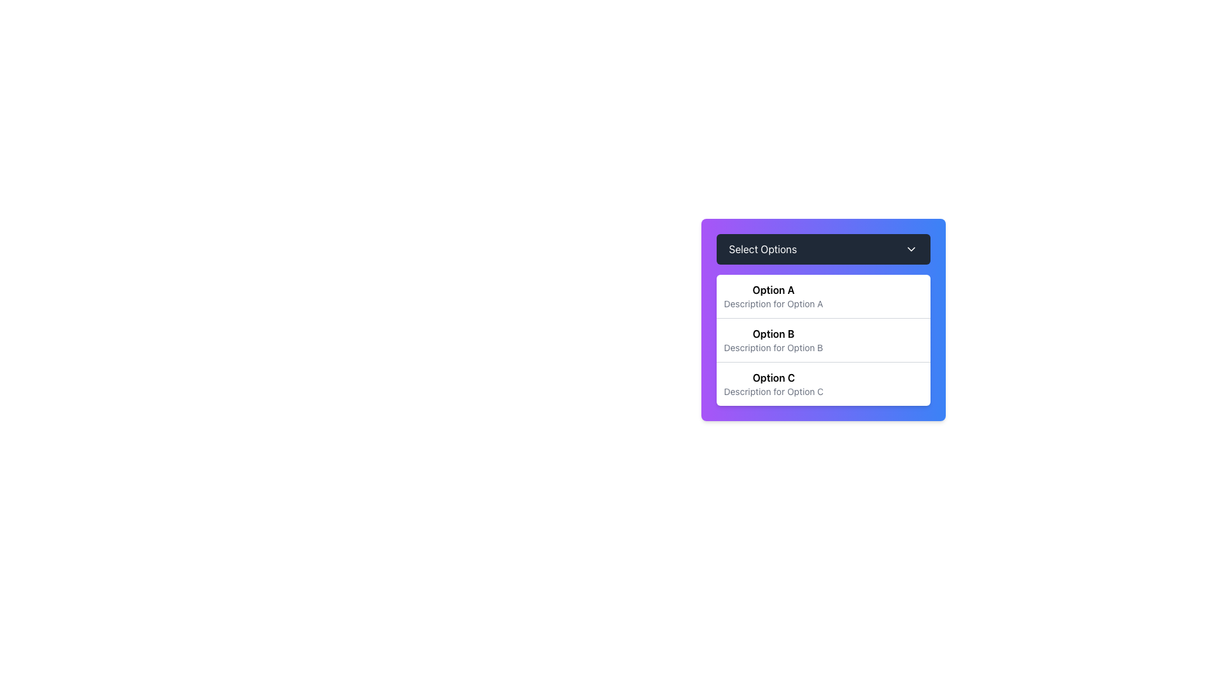 The width and height of the screenshot is (1222, 687). I want to click on the dropdown entry labeled 'Option A', so click(773, 296).